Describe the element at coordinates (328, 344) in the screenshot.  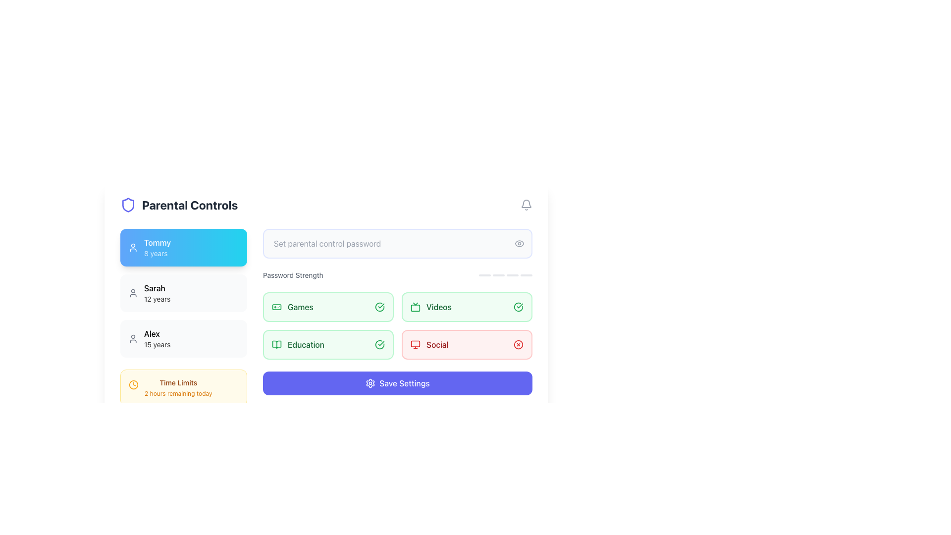
I see `the 'Education' category toggle button located in the second row and second column of the grid layout` at that location.